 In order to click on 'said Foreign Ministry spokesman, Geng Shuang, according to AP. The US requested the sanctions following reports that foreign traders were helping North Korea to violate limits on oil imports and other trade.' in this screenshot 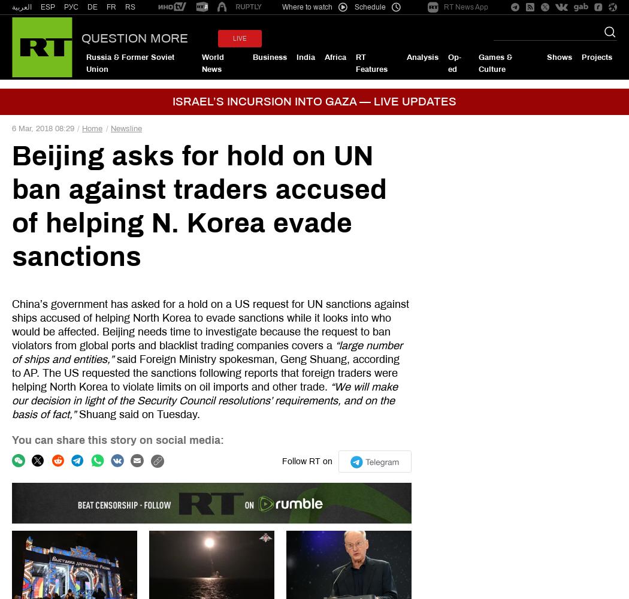, I will do `click(11, 372)`.